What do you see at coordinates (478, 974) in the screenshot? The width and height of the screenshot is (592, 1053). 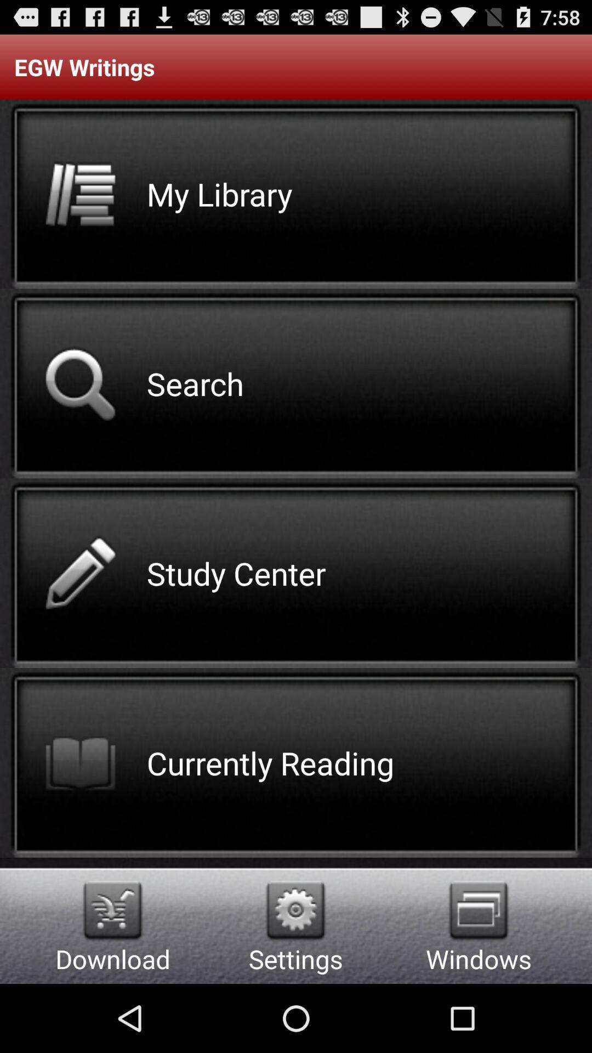 I see `the folder icon` at bounding box center [478, 974].